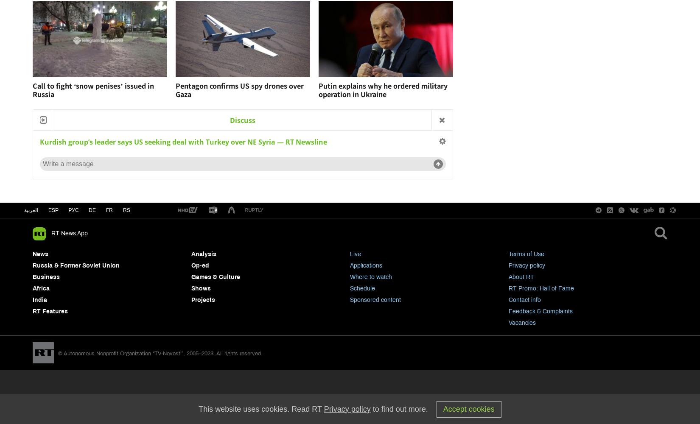  Describe the element at coordinates (109, 210) in the screenshot. I see `'fr'` at that location.